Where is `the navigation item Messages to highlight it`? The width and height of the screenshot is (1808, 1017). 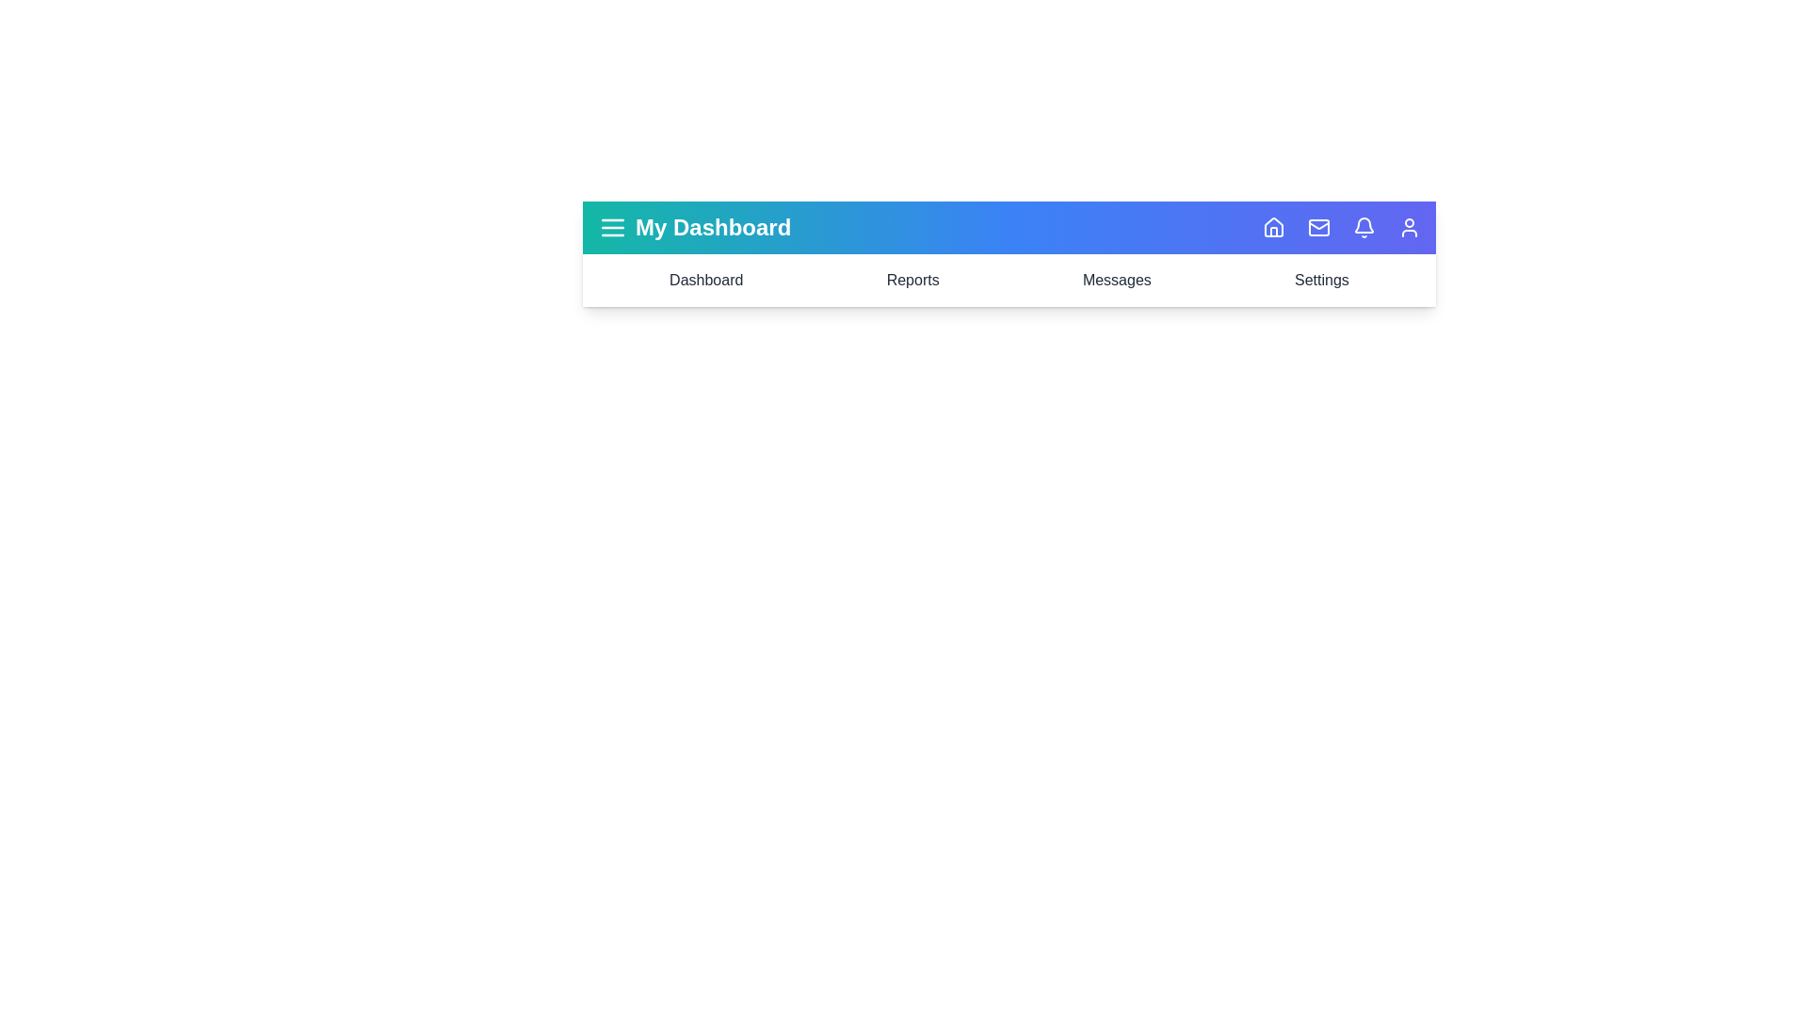
the navigation item Messages to highlight it is located at coordinates (1116, 280).